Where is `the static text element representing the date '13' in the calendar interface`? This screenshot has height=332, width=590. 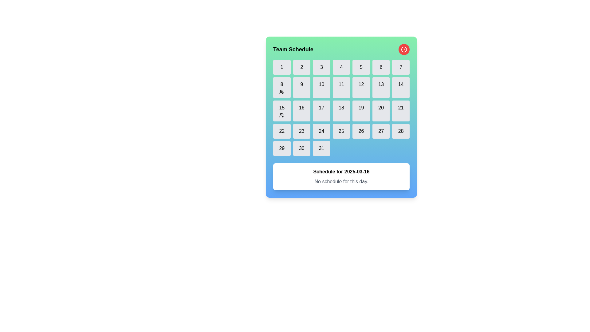 the static text element representing the date '13' in the calendar interface is located at coordinates (380, 84).